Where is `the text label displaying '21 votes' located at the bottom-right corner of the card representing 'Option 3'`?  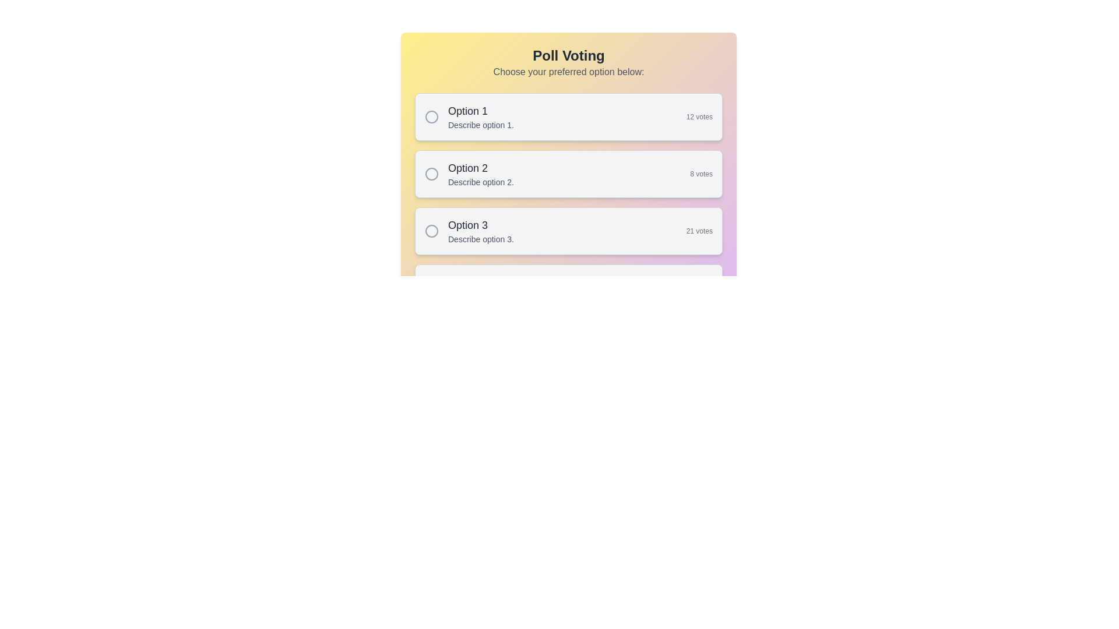
the text label displaying '21 votes' located at the bottom-right corner of the card representing 'Option 3' is located at coordinates (699, 231).